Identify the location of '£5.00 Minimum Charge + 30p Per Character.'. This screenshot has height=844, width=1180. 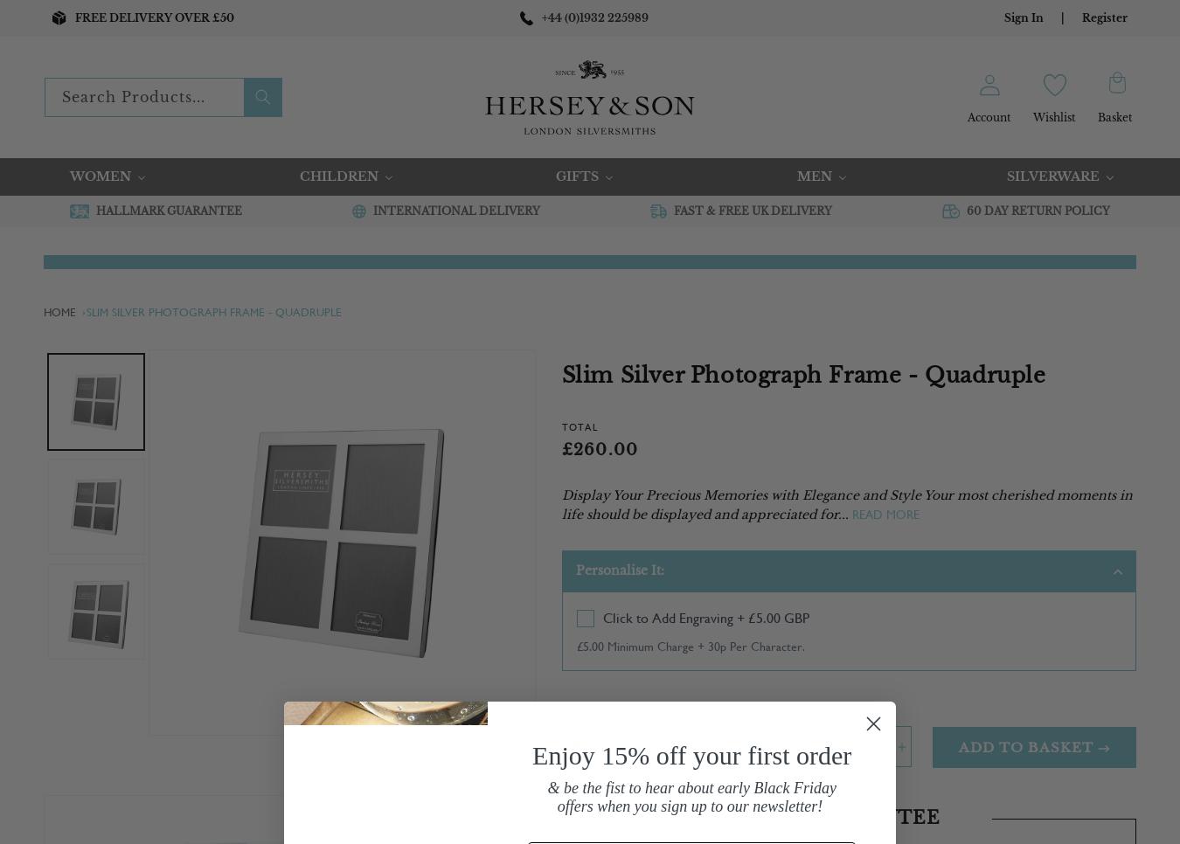
(690, 646).